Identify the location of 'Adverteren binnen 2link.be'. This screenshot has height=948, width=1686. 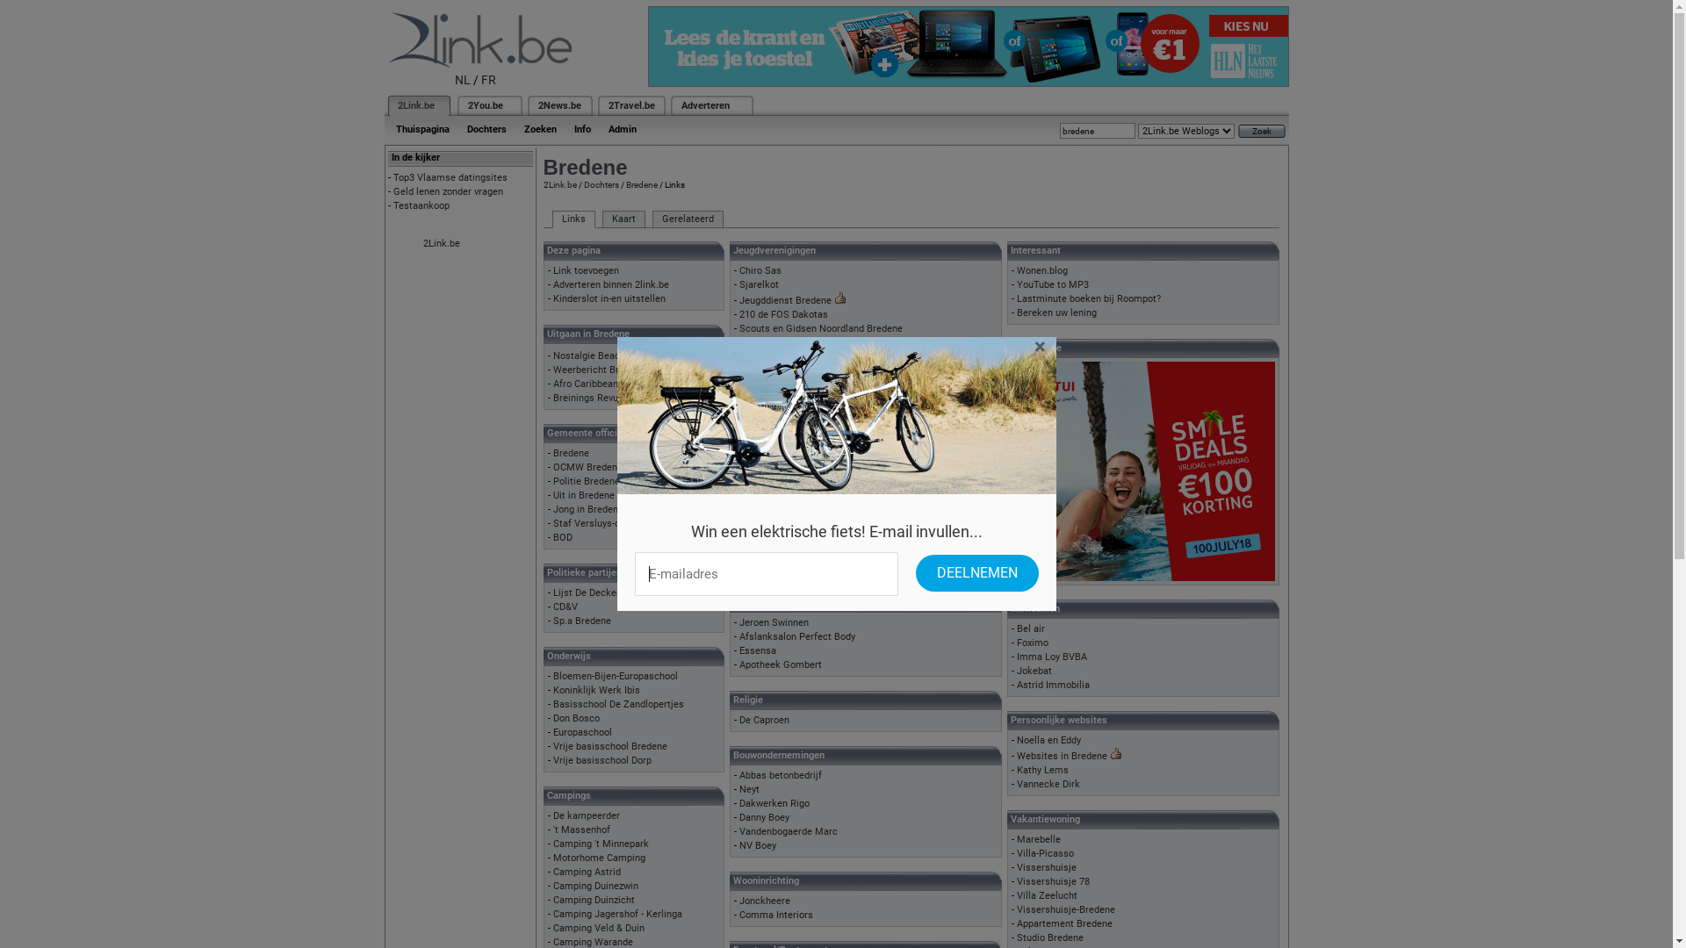
(551, 284).